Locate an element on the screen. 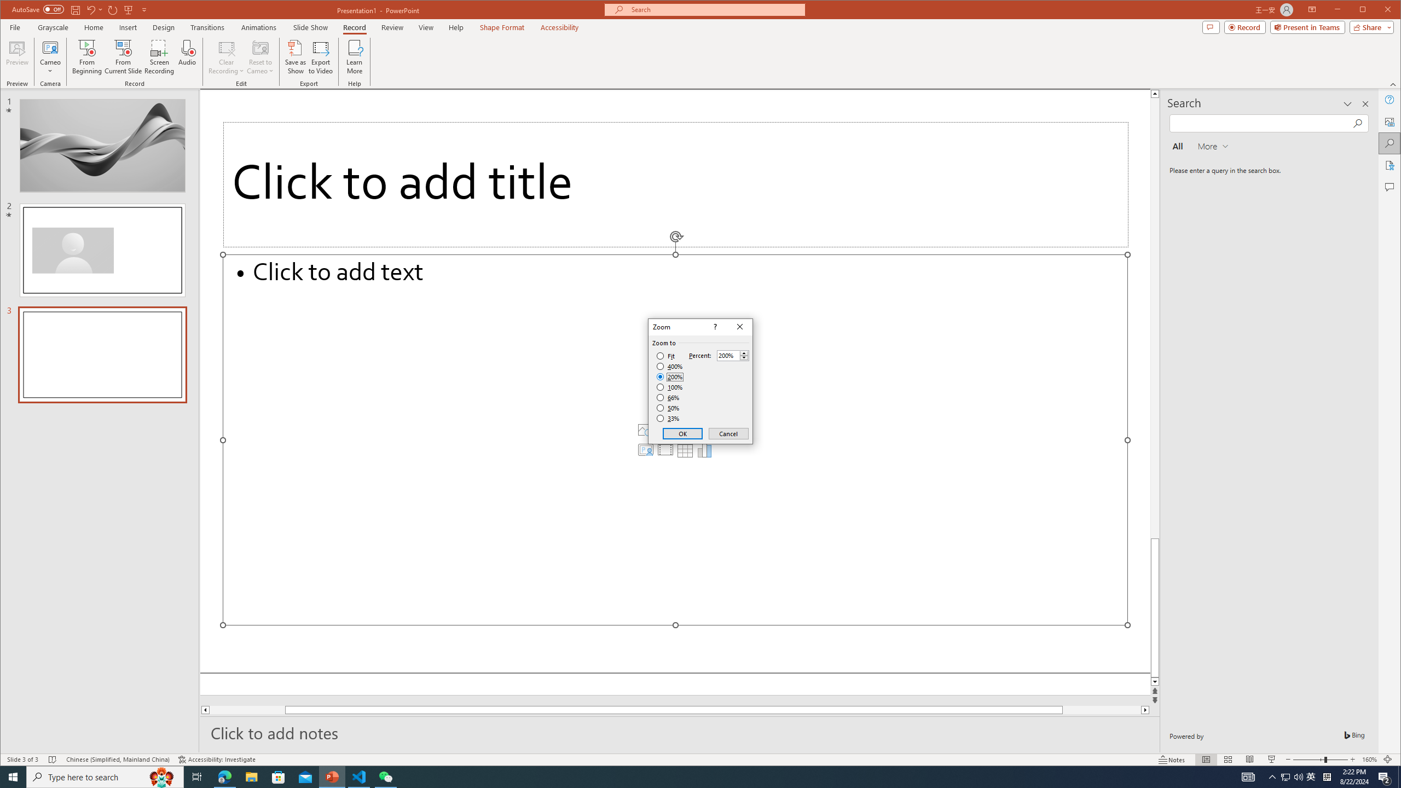 This screenshot has width=1401, height=788. 'Fit' is located at coordinates (665, 356).